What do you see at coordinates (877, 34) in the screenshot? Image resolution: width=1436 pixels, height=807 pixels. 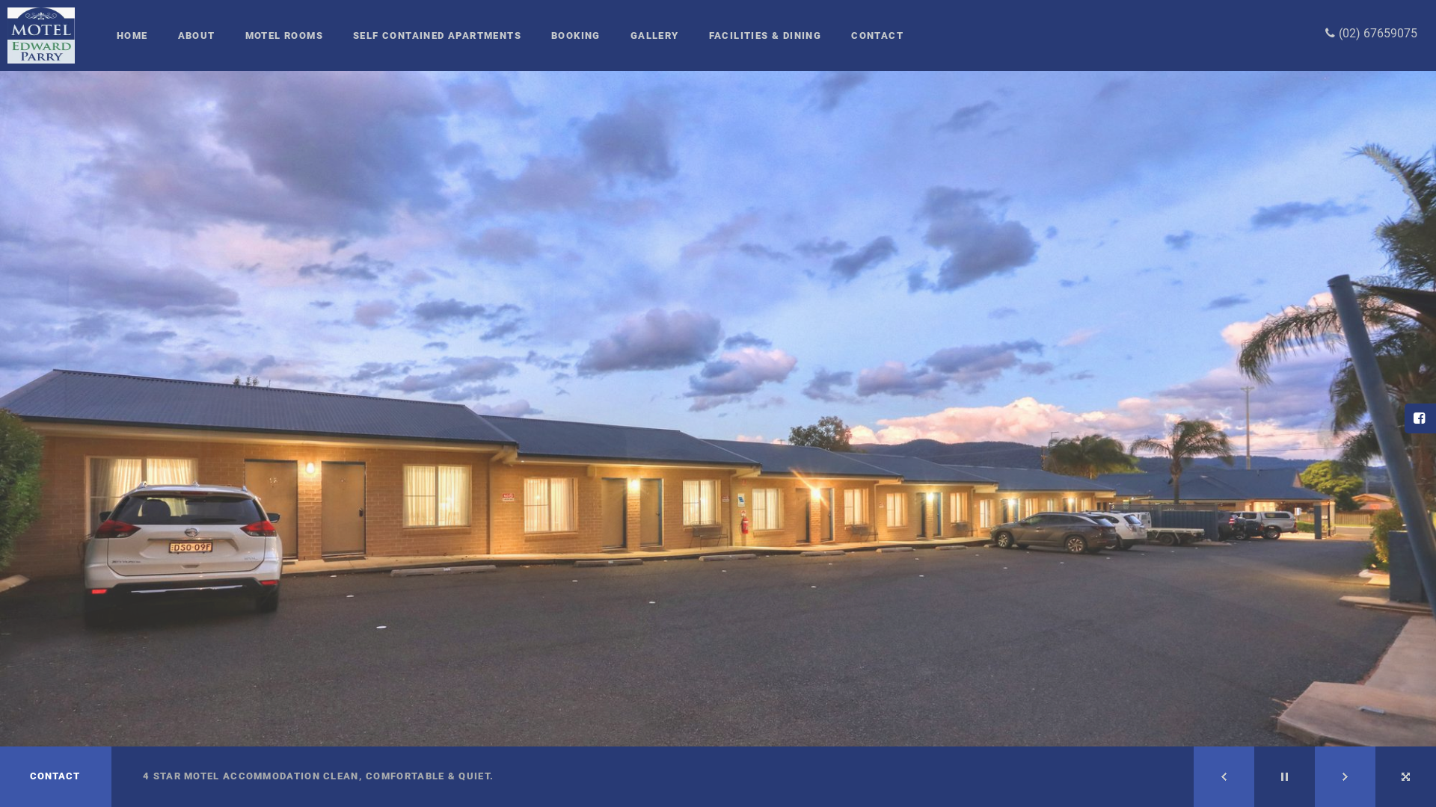 I see `'CONTACT'` at bounding box center [877, 34].